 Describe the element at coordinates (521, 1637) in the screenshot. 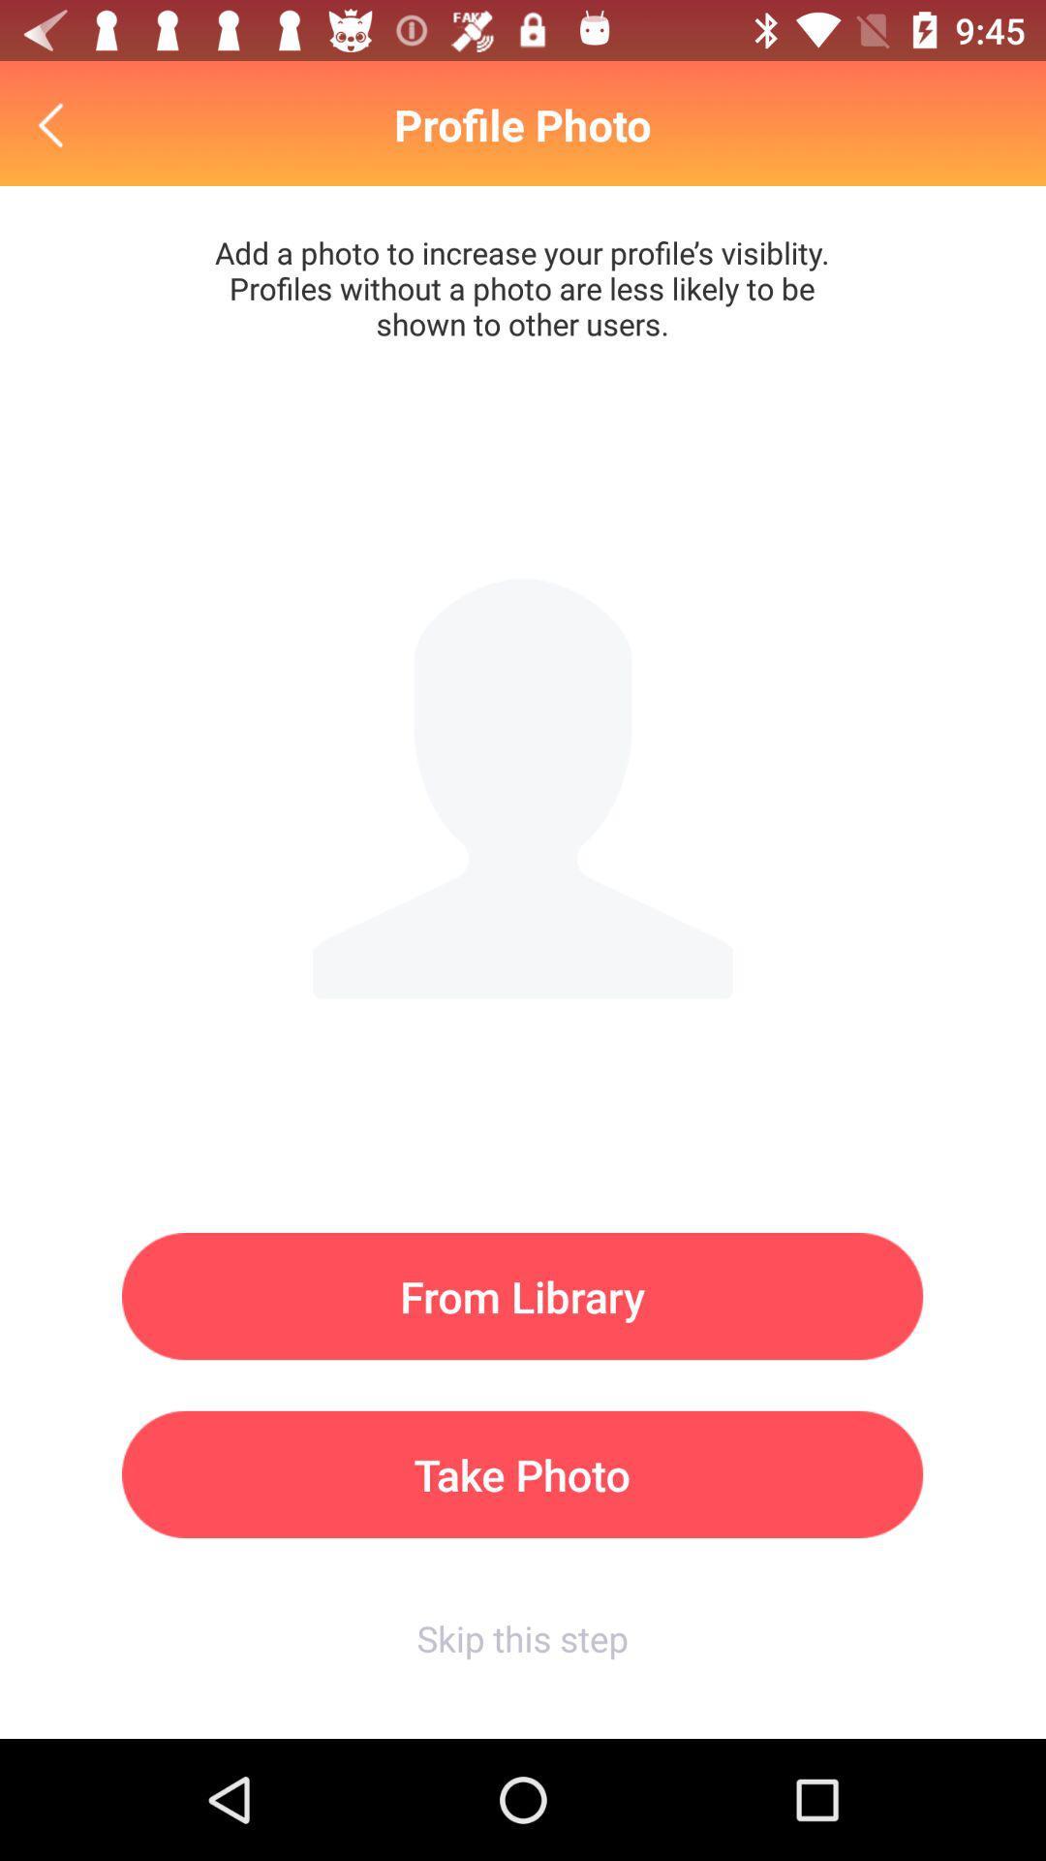

I see `the skip this step` at that location.